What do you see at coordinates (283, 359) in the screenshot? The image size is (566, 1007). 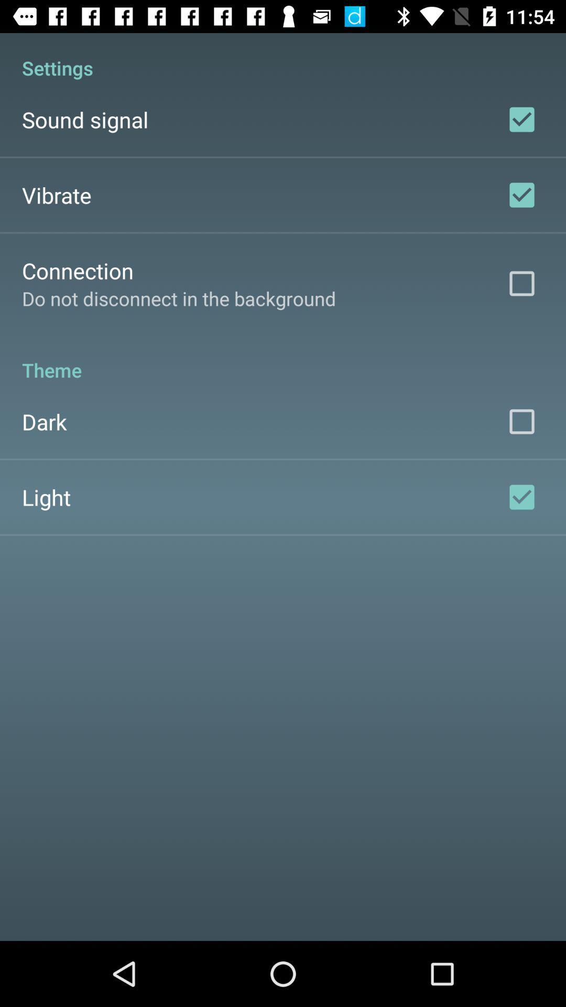 I see `item below do not disconnect` at bounding box center [283, 359].